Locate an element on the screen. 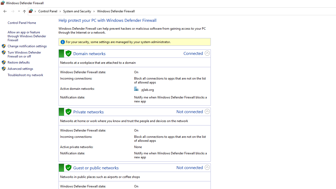  'Navigation buttons' is located at coordinates (11, 11).